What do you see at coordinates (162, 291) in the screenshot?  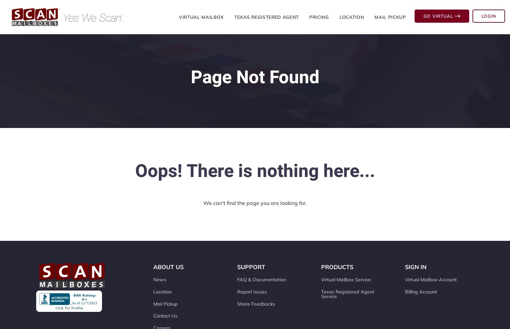 I see `'Location'` at bounding box center [162, 291].